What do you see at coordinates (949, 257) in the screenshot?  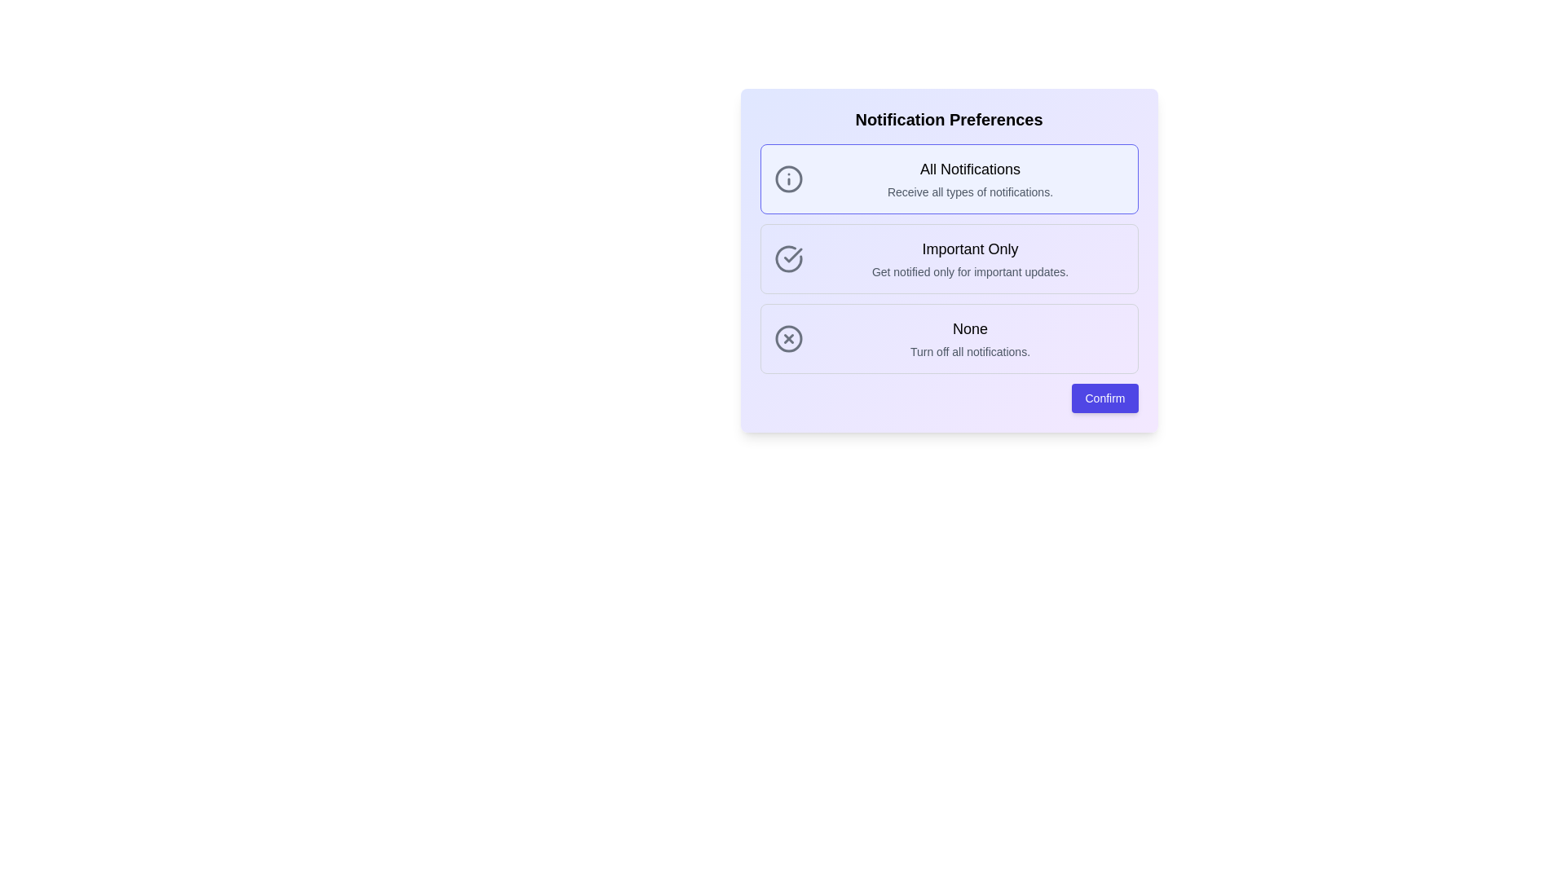 I see `the selectable option block labeled 'Important Only' with a checkmark icon, positioned centrally in the modal dialog titled 'Notification Preferences'` at bounding box center [949, 257].